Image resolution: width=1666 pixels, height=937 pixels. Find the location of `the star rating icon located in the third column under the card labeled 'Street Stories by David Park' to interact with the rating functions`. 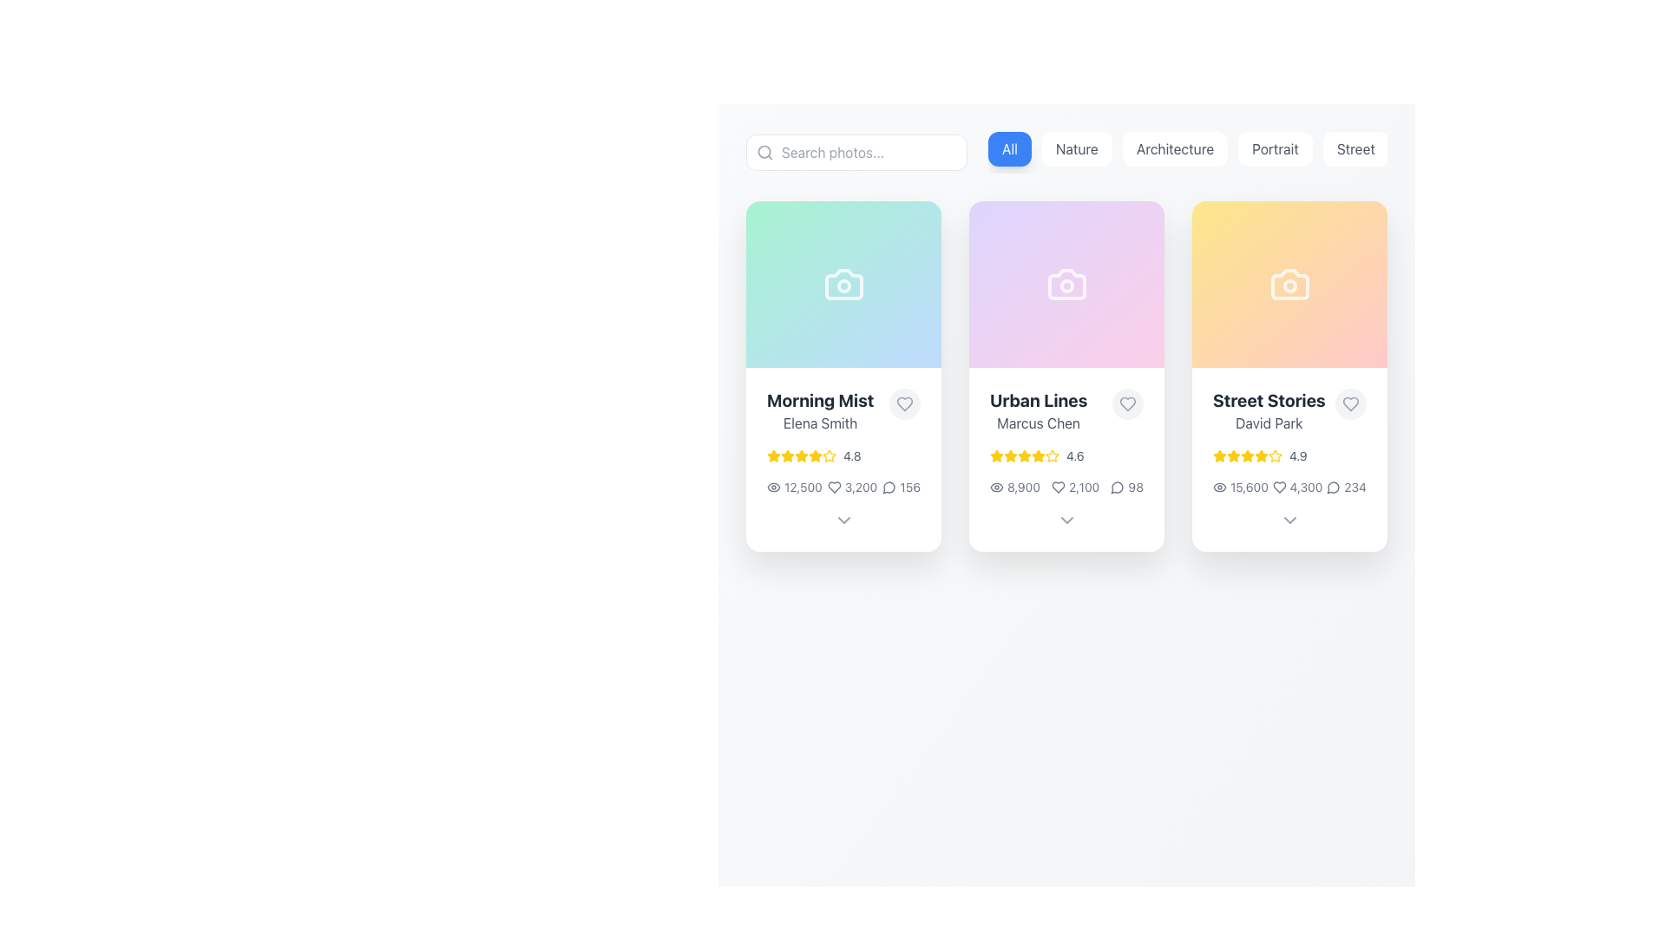

the star rating icon located in the third column under the card labeled 'Street Stories by David Park' to interact with the rating functions is located at coordinates (1247, 455).